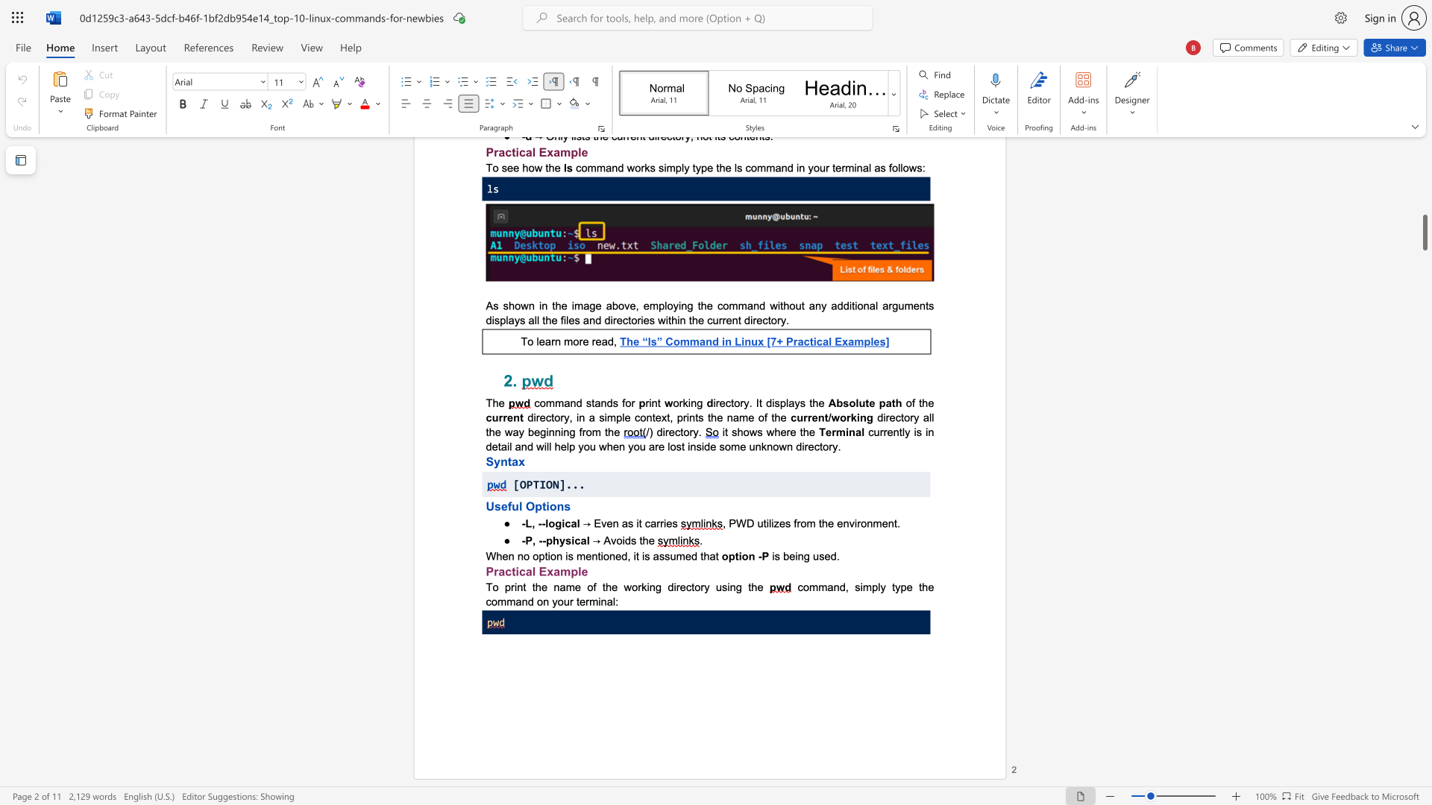 The height and width of the screenshot is (805, 1432). Describe the element at coordinates (559, 570) in the screenshot. I see `the subset text "mple" within the text "Practical Example"` at that location.